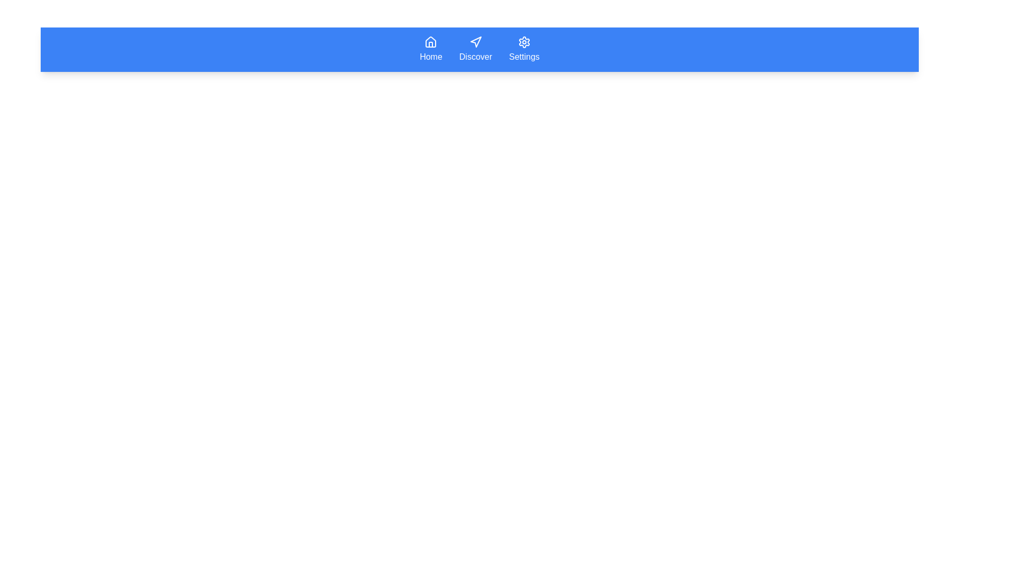 The image size is (1015, 571). I want to click on the 'Home' button in the blue navigation bar, which features a house icon above the text label 'Home', to observe the hover effects, so click(431, 49).